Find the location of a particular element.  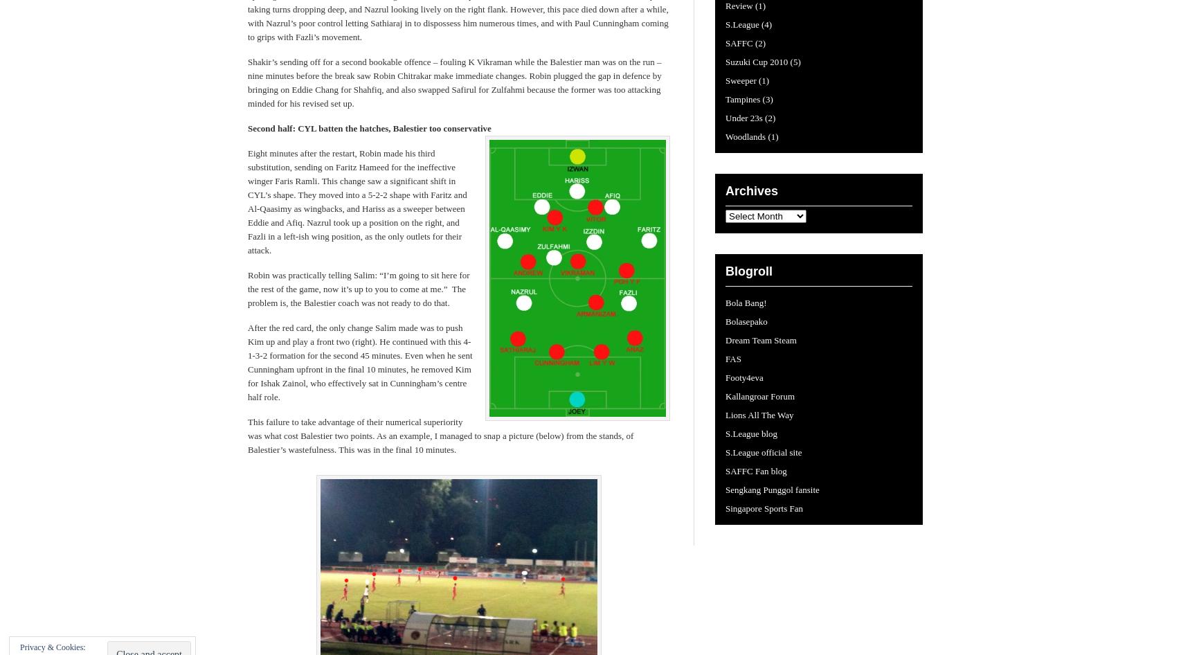

'Sengkang Punggol fansite' is located at coordinates (772, 490).